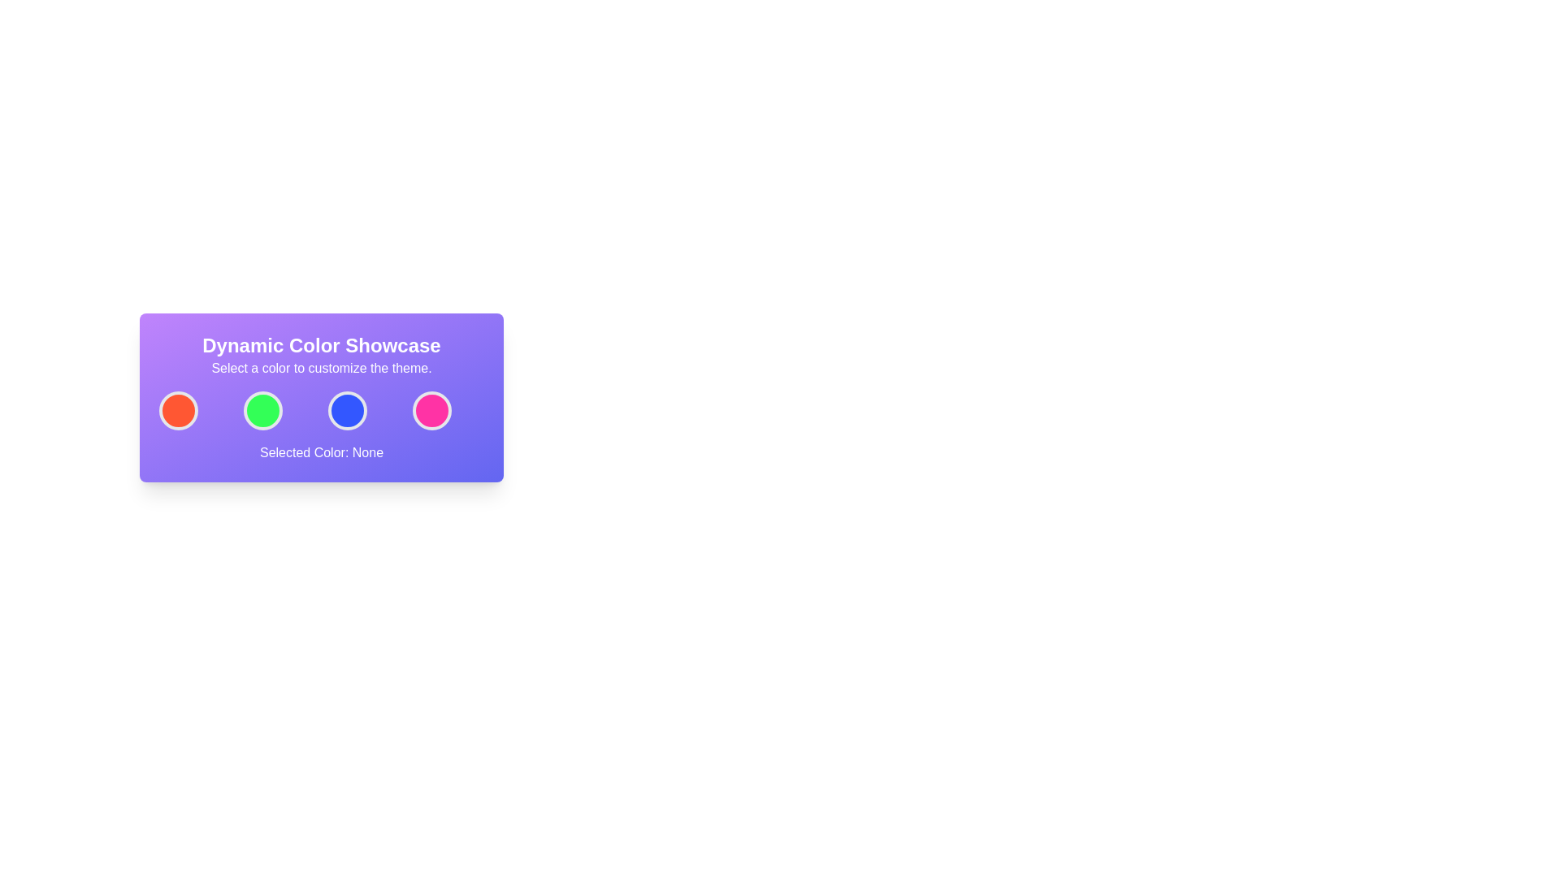  Describe the element at coordinates (321, 453) in the screenshot. I see `the Static Text Display that shows the currently selected color, located at the bottom of the color selection card` at that location.